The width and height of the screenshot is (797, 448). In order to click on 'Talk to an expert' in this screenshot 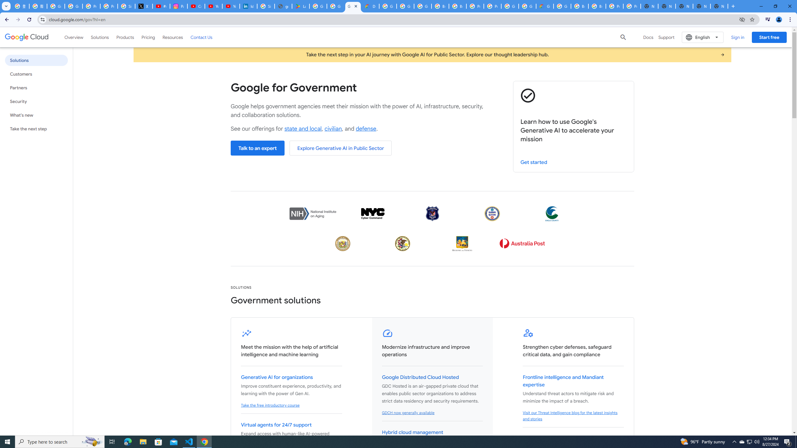, I will do `click(257, 147)`.